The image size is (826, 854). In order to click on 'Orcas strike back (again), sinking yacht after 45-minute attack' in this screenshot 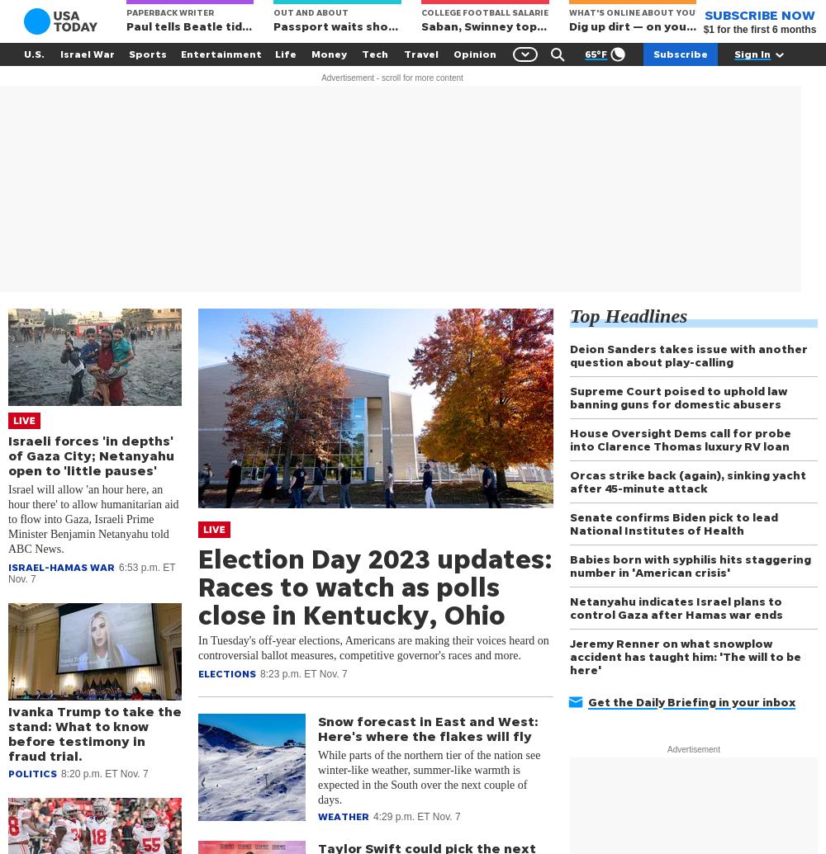, I will do `click(687, 480)`.